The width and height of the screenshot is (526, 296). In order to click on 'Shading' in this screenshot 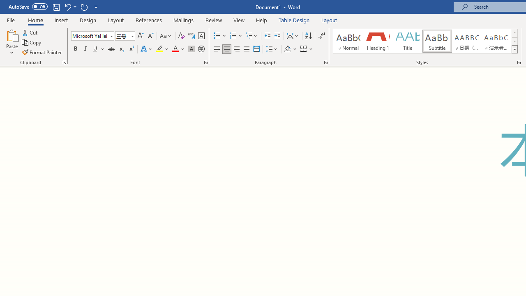, I will do `click(291, 49)`.